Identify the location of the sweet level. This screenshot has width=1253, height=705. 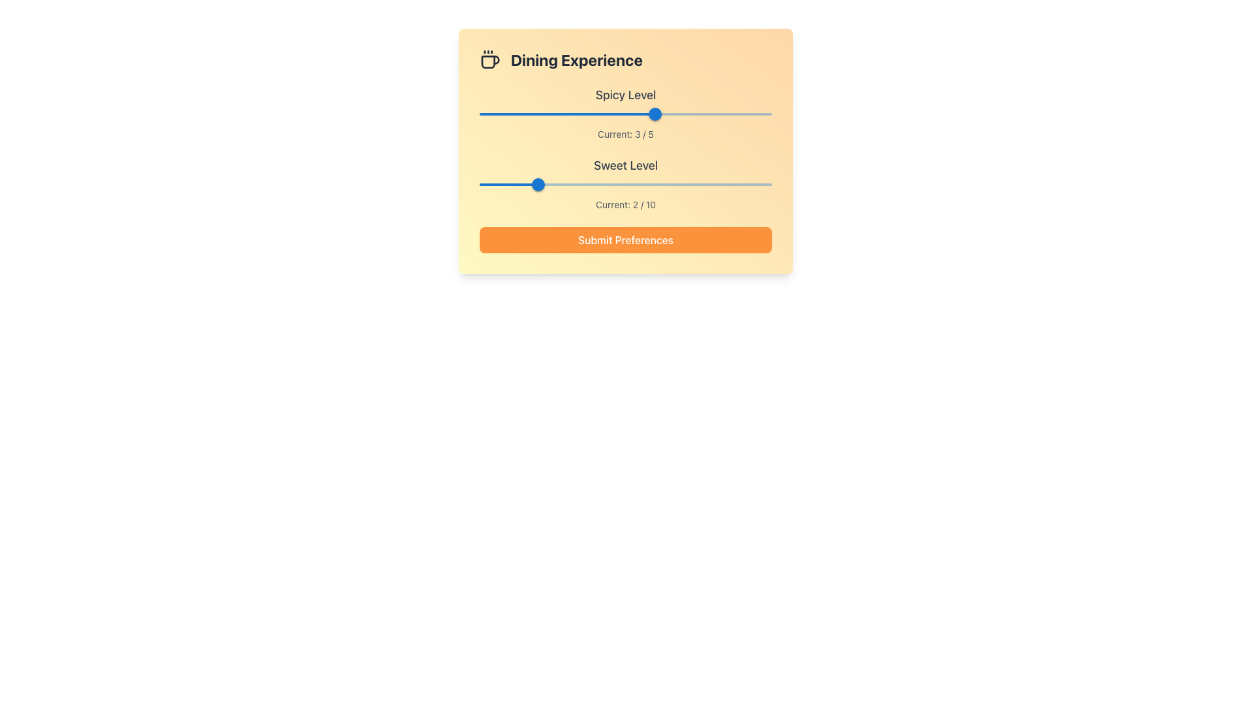
(625, 184).